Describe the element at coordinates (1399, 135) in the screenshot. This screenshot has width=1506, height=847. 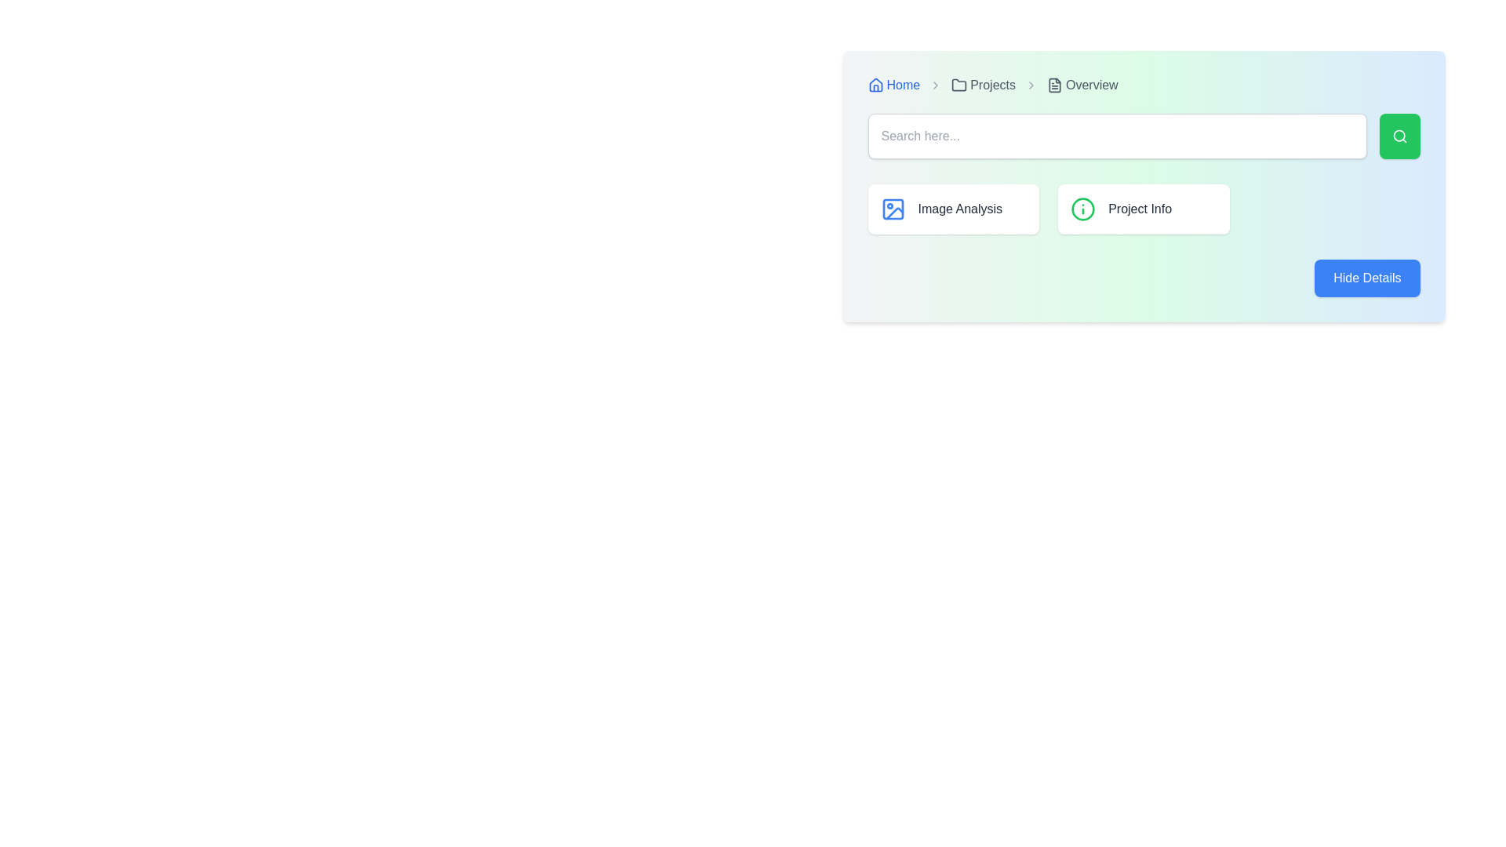
I see `the magnifying glass icon inside the green button at the top-right corner of the interface` at that location.